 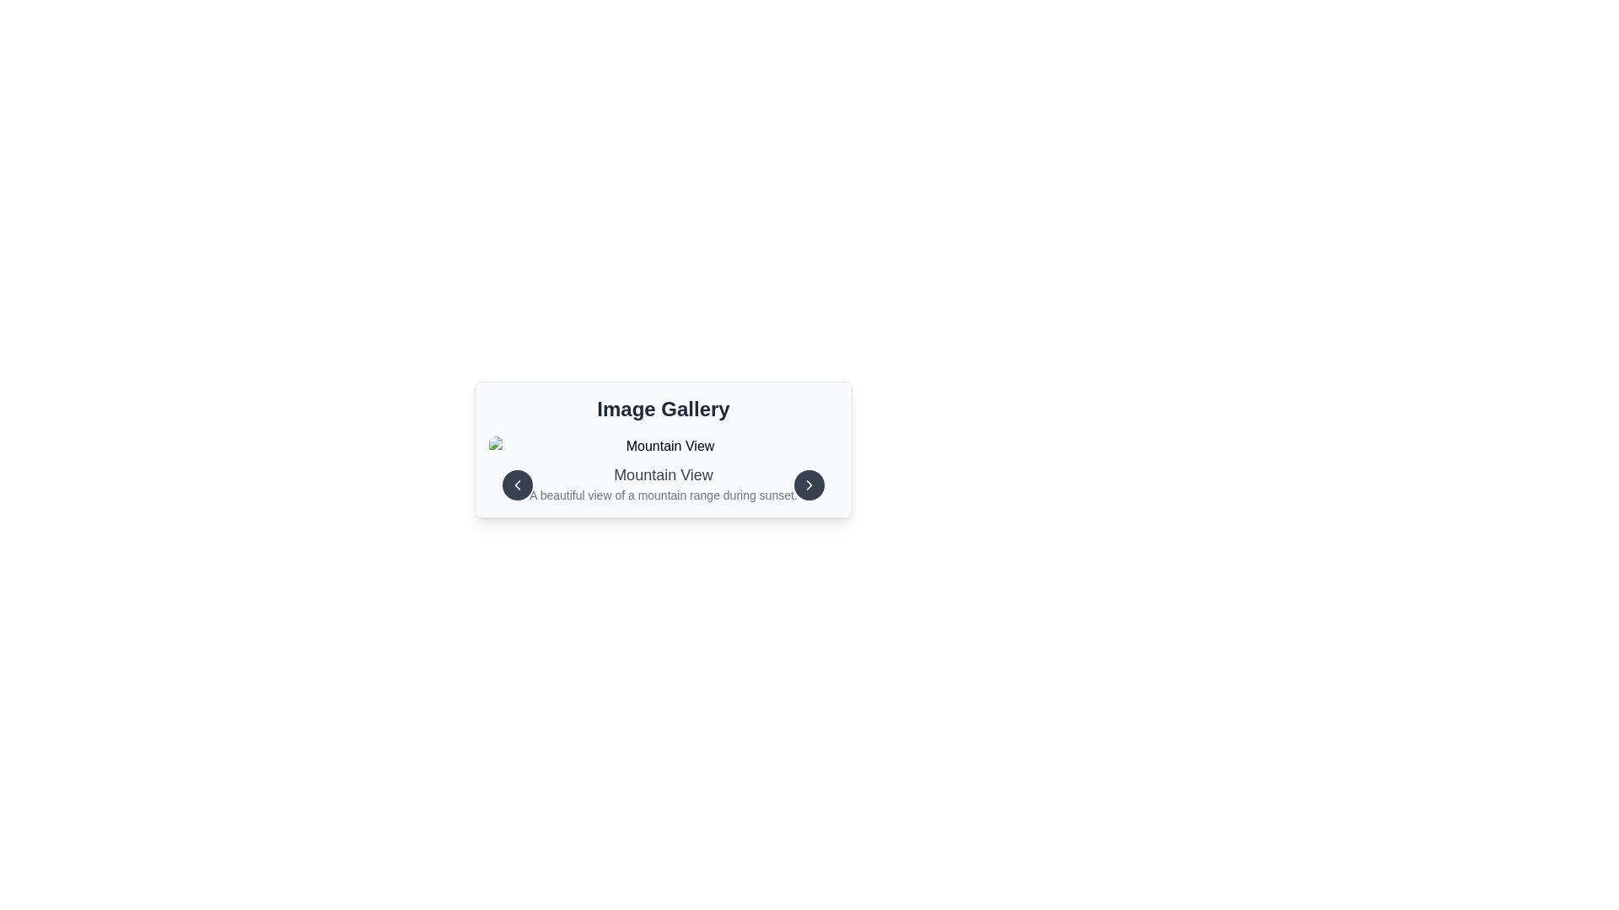 I want to click on the text description component that provides the title 'Mountain View' and description for the image in the gallery to check for tooltip or additional interactivity, so click(x=663, y=484).